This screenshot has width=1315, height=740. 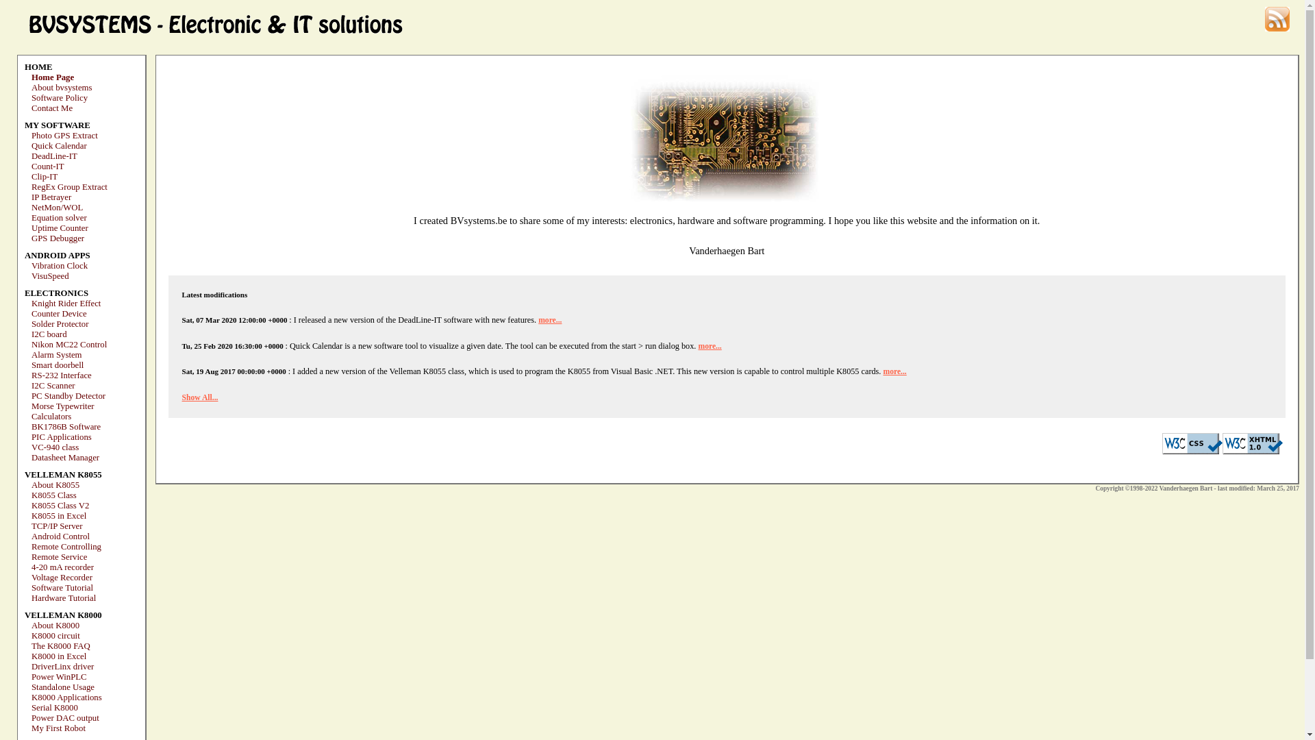 What do you see at coordinates (59, 505) in the screenshot?
I see `'K8055 Class V2'` at bounding box center [59, 505].